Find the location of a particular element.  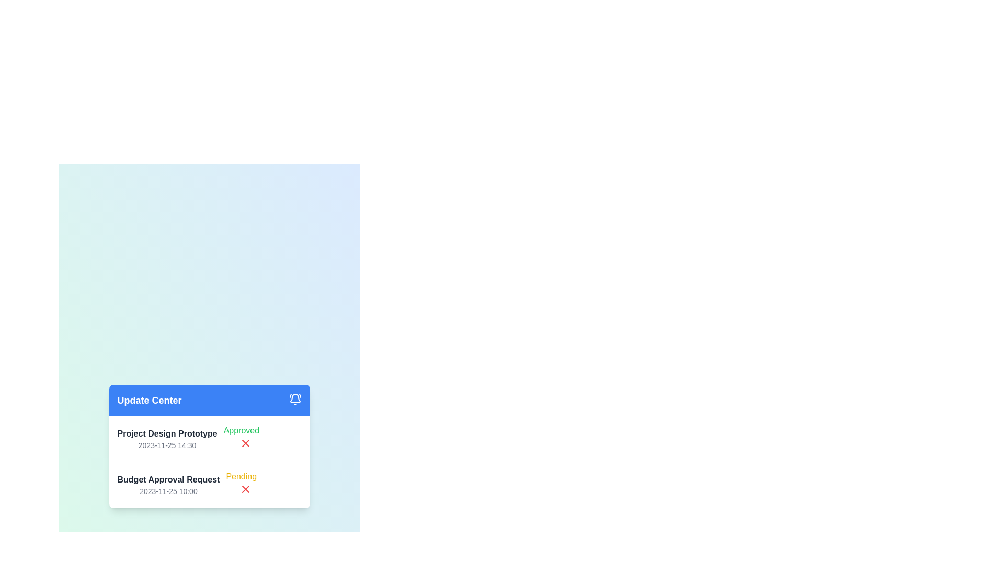

the static text element displaying '2023-11-25 14:30', which is located below the title 'Project Design Prototype' in a card interface is located at coordinates (167, 445).